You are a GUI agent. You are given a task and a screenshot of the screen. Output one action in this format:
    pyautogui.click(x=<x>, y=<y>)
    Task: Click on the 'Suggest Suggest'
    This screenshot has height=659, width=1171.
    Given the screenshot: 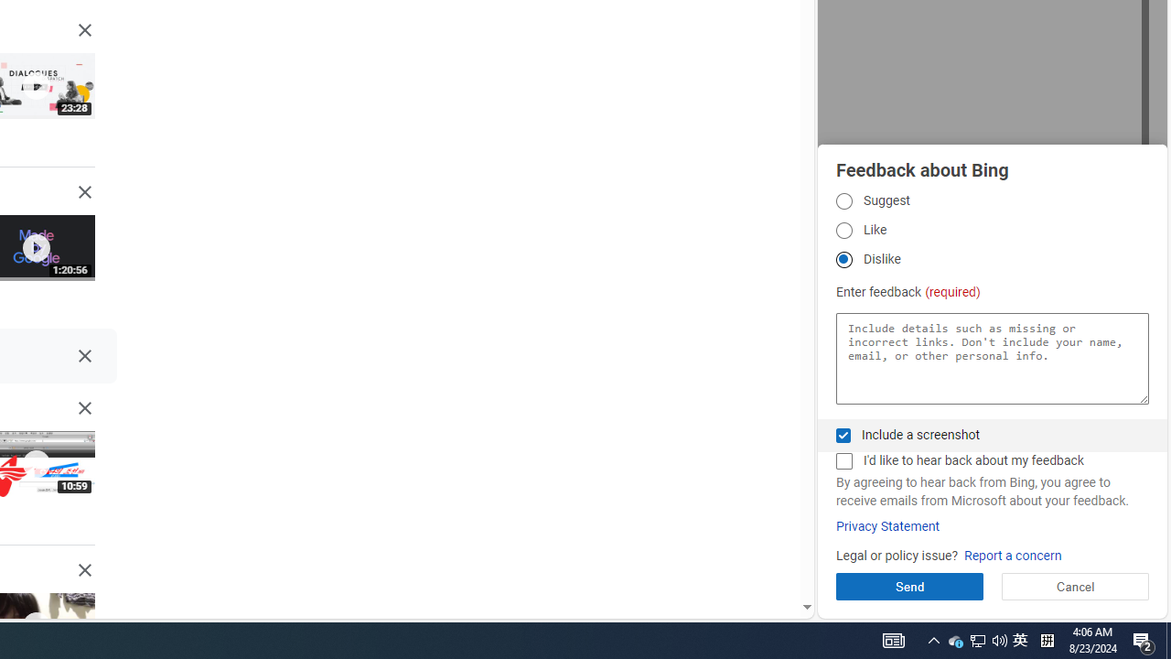 What is the action you would take?
    pyautogui.click(x=843, y=200)
    